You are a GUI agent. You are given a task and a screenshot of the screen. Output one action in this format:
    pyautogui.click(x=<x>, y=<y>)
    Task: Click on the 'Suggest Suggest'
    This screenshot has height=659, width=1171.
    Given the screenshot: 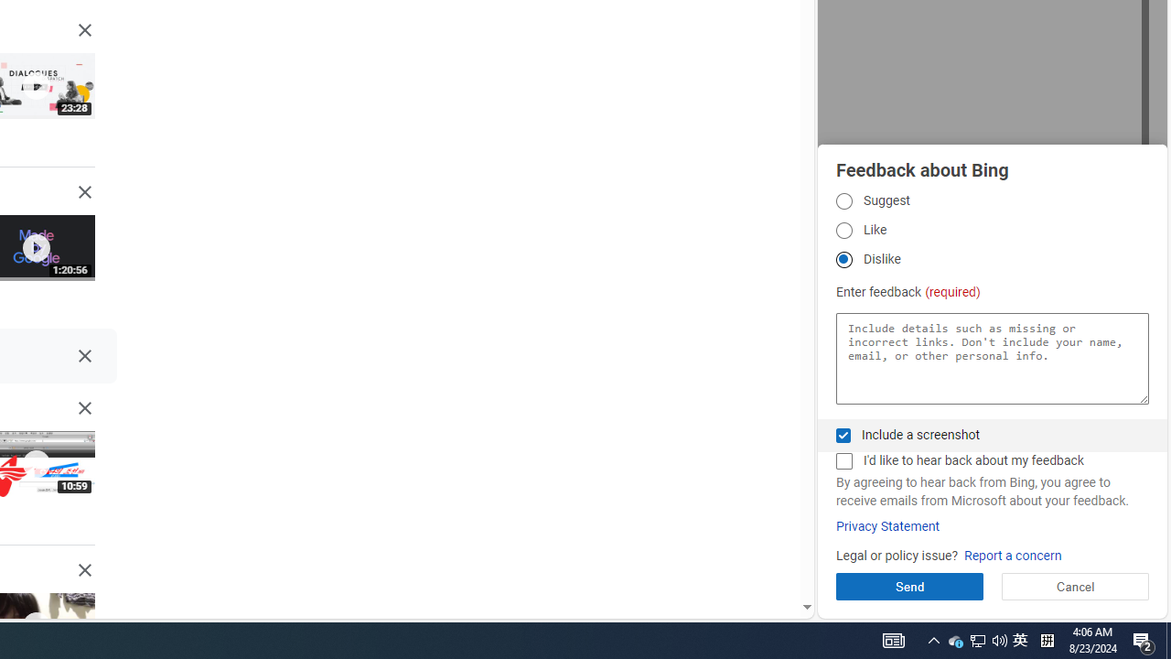 What is the action you would take?
    pyautogui.click(x=843, y=200)
    